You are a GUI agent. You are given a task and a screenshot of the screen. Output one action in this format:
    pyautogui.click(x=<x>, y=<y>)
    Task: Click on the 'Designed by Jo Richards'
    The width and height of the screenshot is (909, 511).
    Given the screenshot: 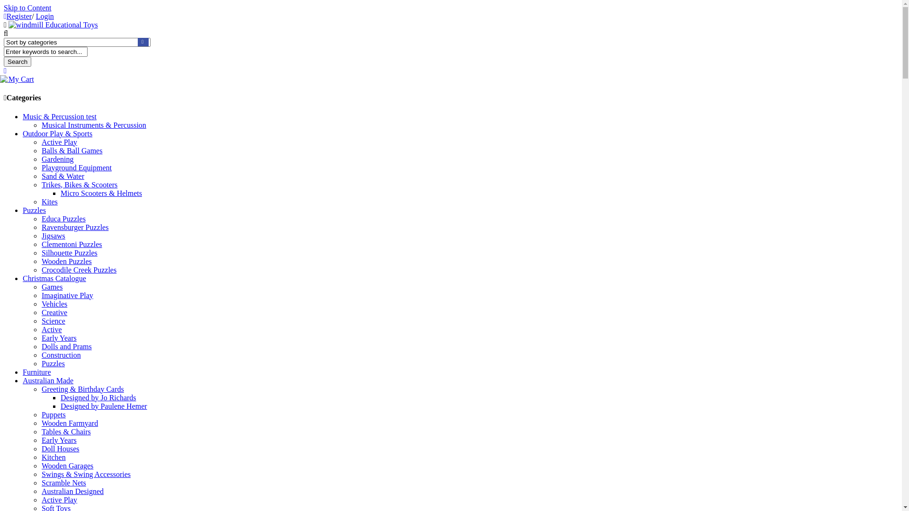 What is the action you would take?
    pyautogui.click(x=98, y=397)
    